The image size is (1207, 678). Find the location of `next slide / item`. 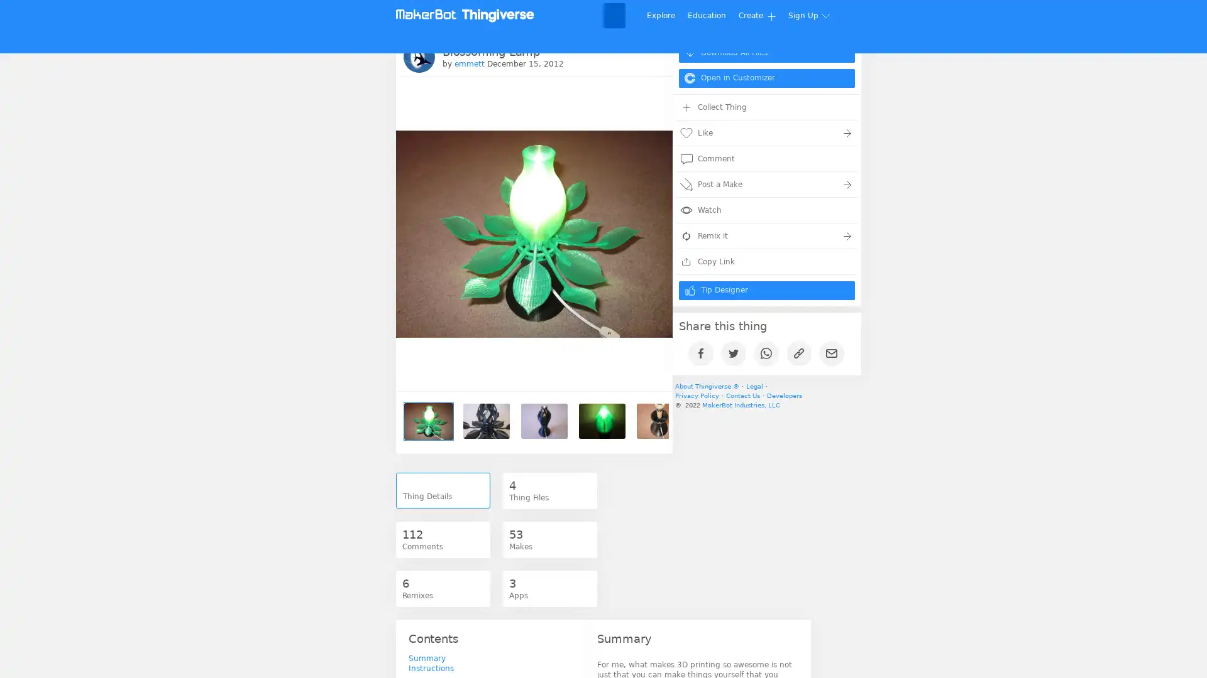

next slide / item is located at coordinates (648, 193).